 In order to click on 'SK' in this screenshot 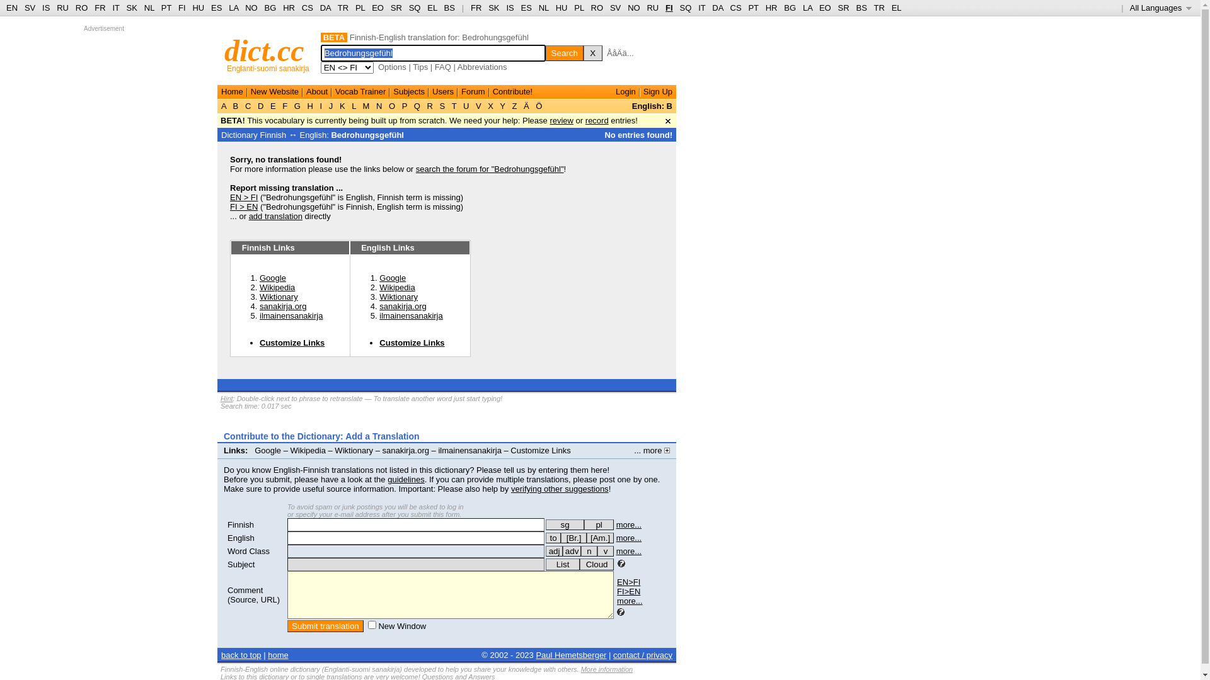, I will do `click(493, 8)`.